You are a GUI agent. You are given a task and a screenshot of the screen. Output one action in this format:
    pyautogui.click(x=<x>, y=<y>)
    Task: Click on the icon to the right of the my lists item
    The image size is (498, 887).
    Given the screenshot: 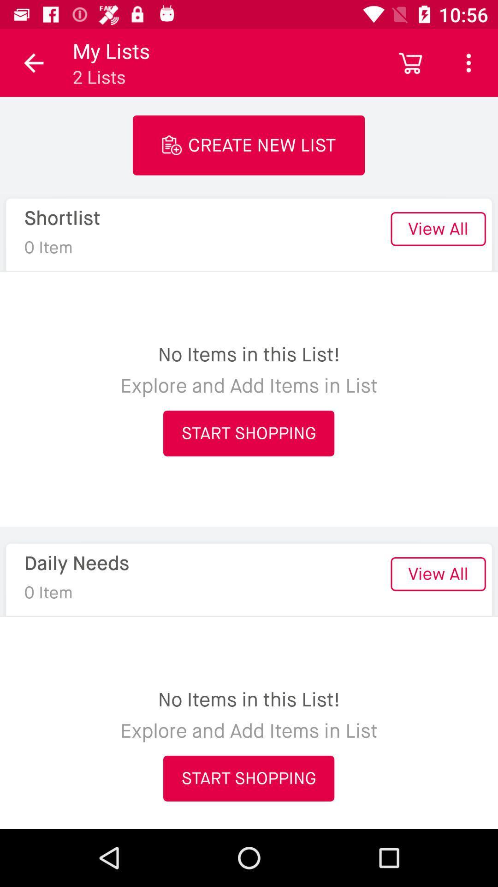 What is the action you would take?
    pyautogui.click(x=410, y=62)
    